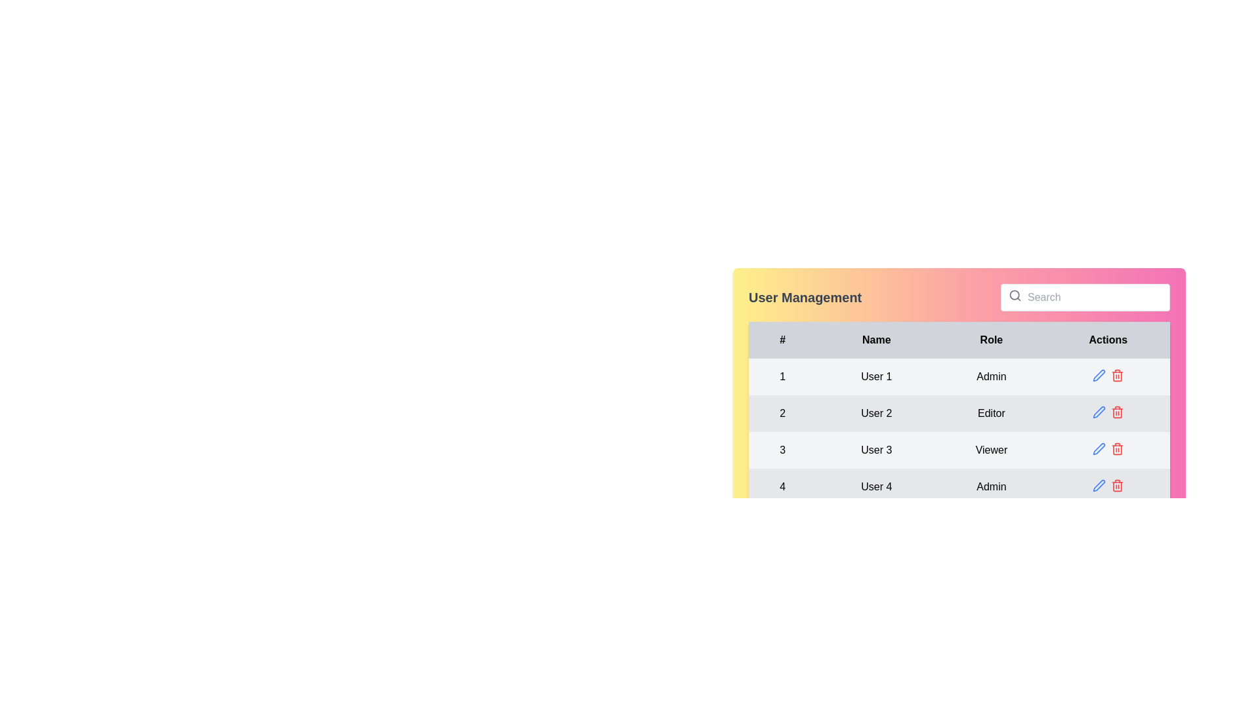  Describe the element at coordinates (1116, 376) in the screenshot. I see `the red-colored trash can icon to initiate a delete action within the user management table, located in the 'Actions' column of the first row` at that location.